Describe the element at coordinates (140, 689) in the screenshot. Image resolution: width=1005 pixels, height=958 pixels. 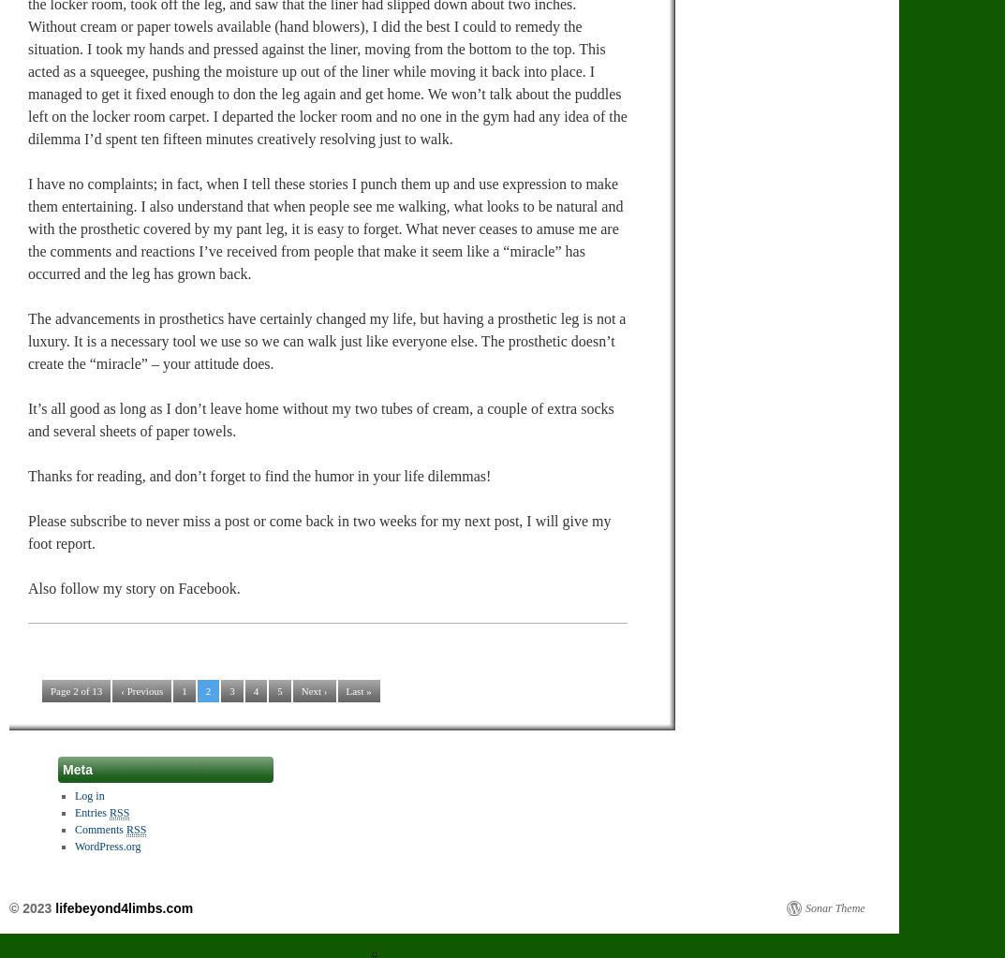
I see `'‹ Previous'` at that location.